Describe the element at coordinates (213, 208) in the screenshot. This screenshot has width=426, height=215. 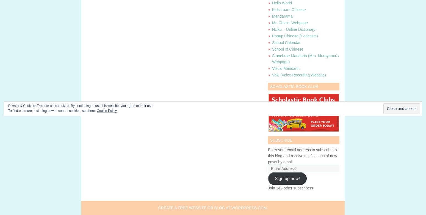
I see `'Create a free website or blog at WordPress.com.'` at that location.